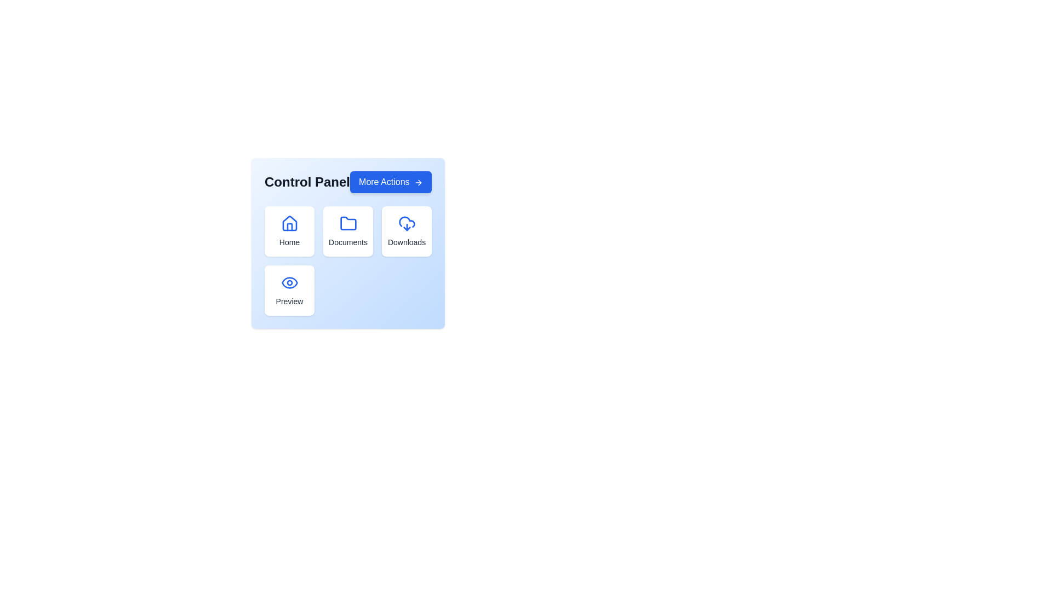 The image size is (1052, 591). Describe the element at coordinates (347, 223) in the screenshot. I see `the 'Documents' icon button located centrally in the interface, positioned between the 'Home' icon and the 'Downloads' icon` at that location.